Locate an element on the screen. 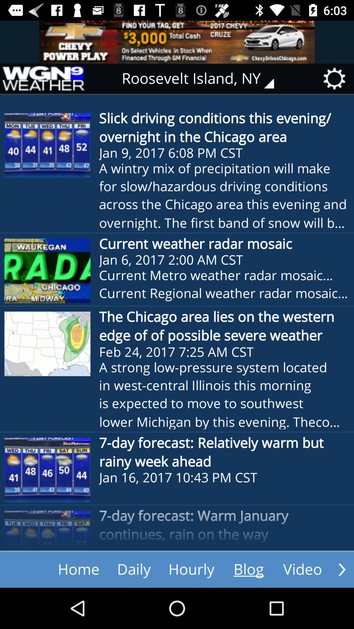 The height and width of the screenshot is (629, 354). the arrow_forward icon is located at coordinates (342, 569).